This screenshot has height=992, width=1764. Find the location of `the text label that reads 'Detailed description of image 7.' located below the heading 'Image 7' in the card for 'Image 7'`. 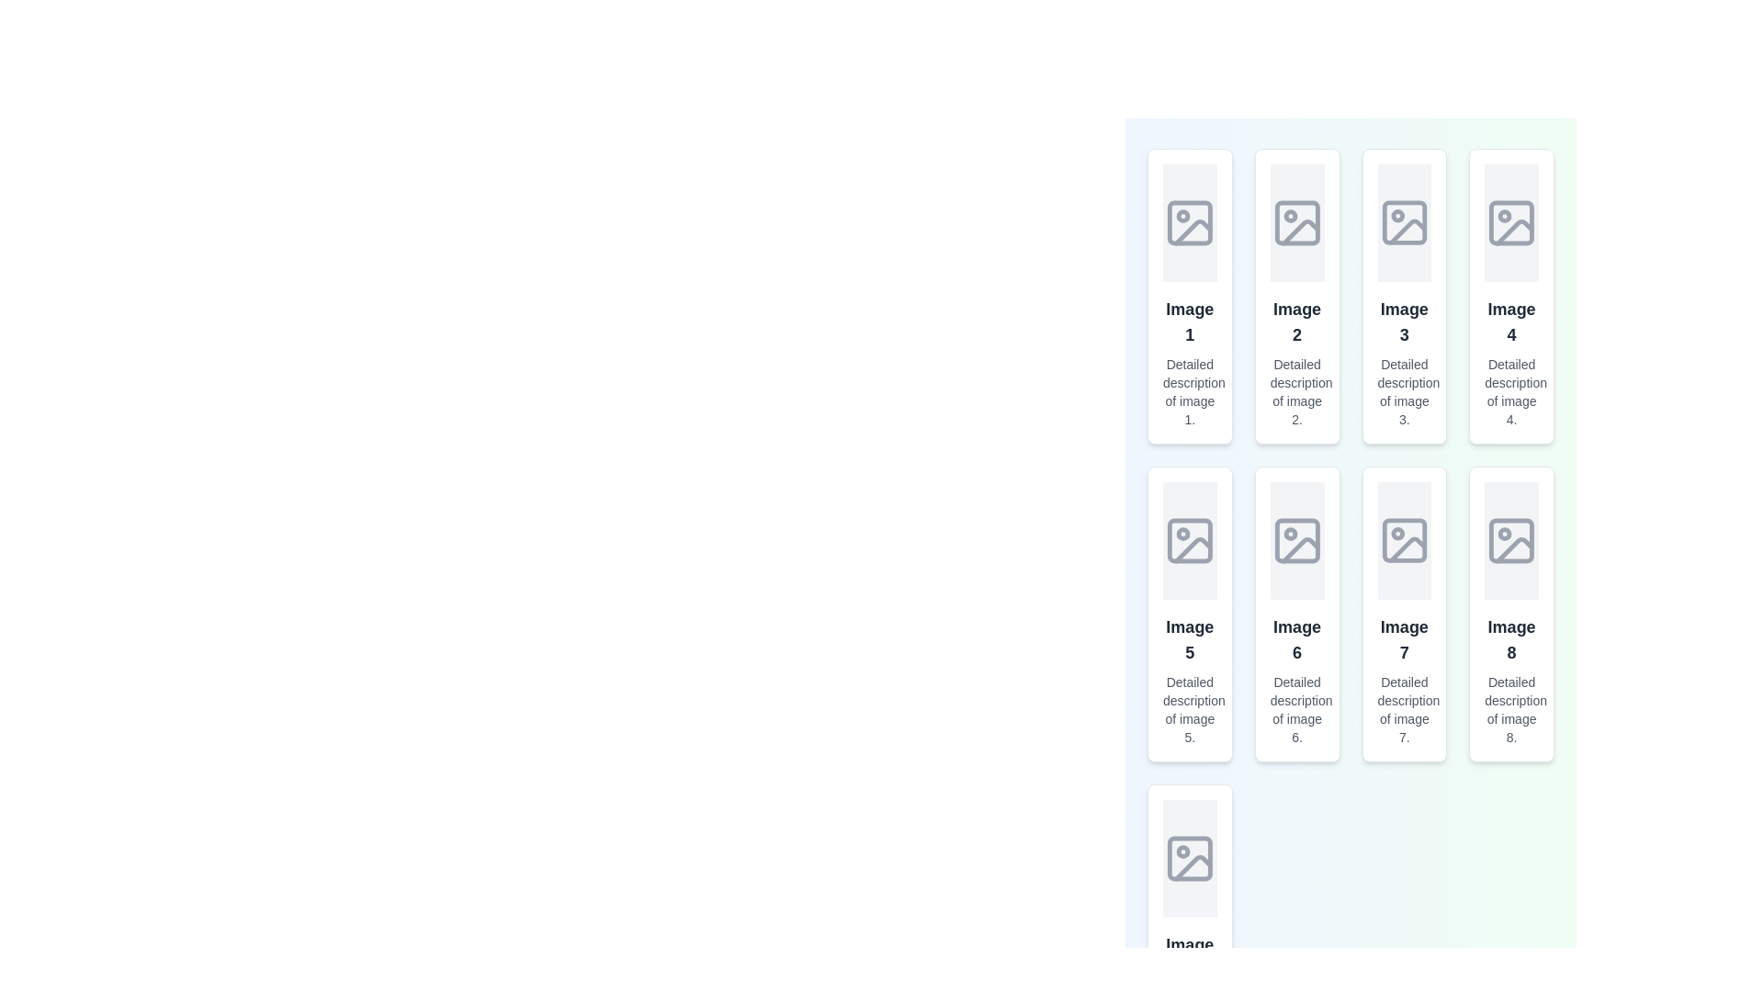

the text label that reads 'Detailed description of image 7.' located below the heading 'Image 7' in the card for 'Image 7' is located at coordinates (1403, 708).